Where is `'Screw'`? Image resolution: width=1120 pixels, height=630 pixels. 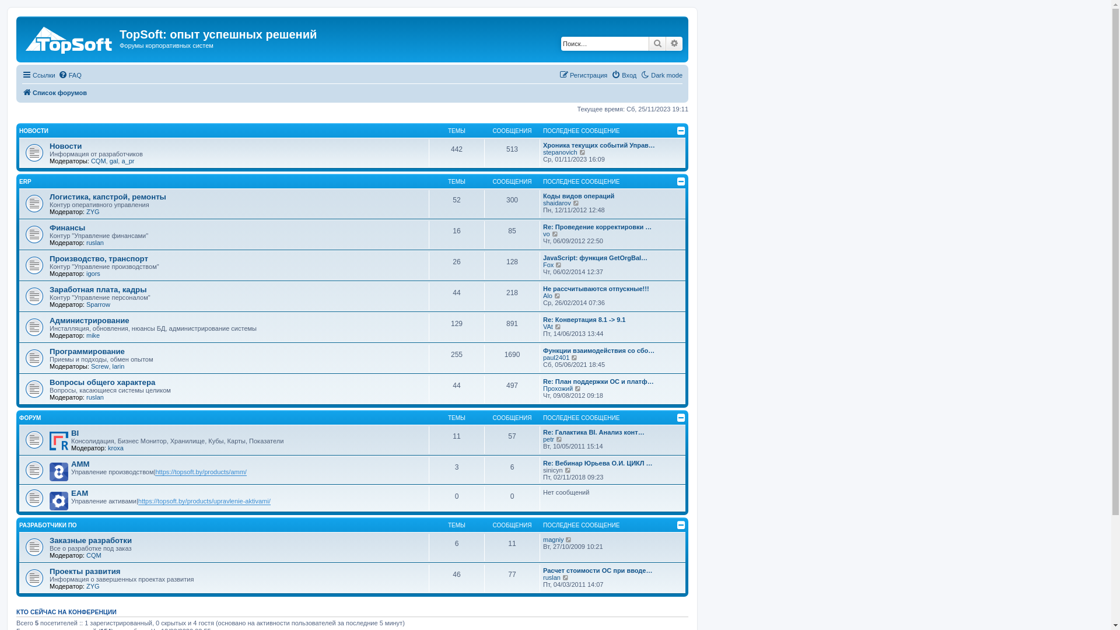
'Screw' is located at coordinates (90, 366).